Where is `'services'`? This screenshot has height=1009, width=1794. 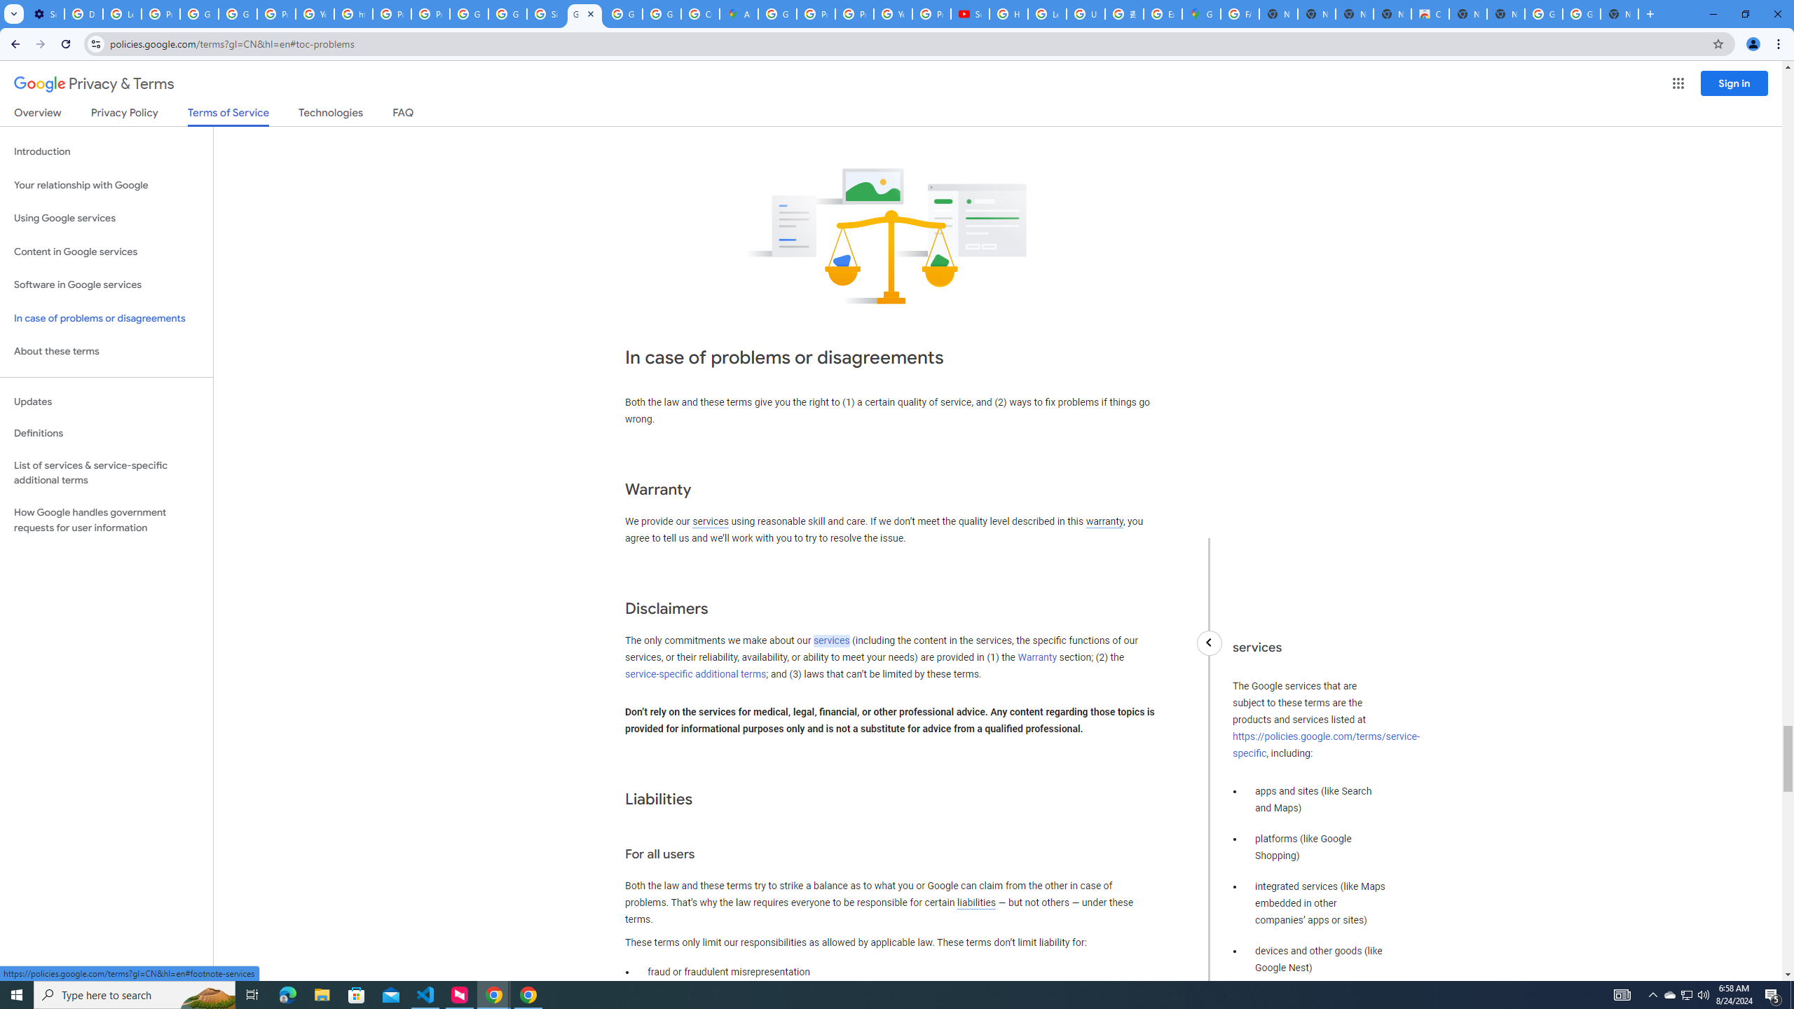 'services' is located at coordinates (831, 641).